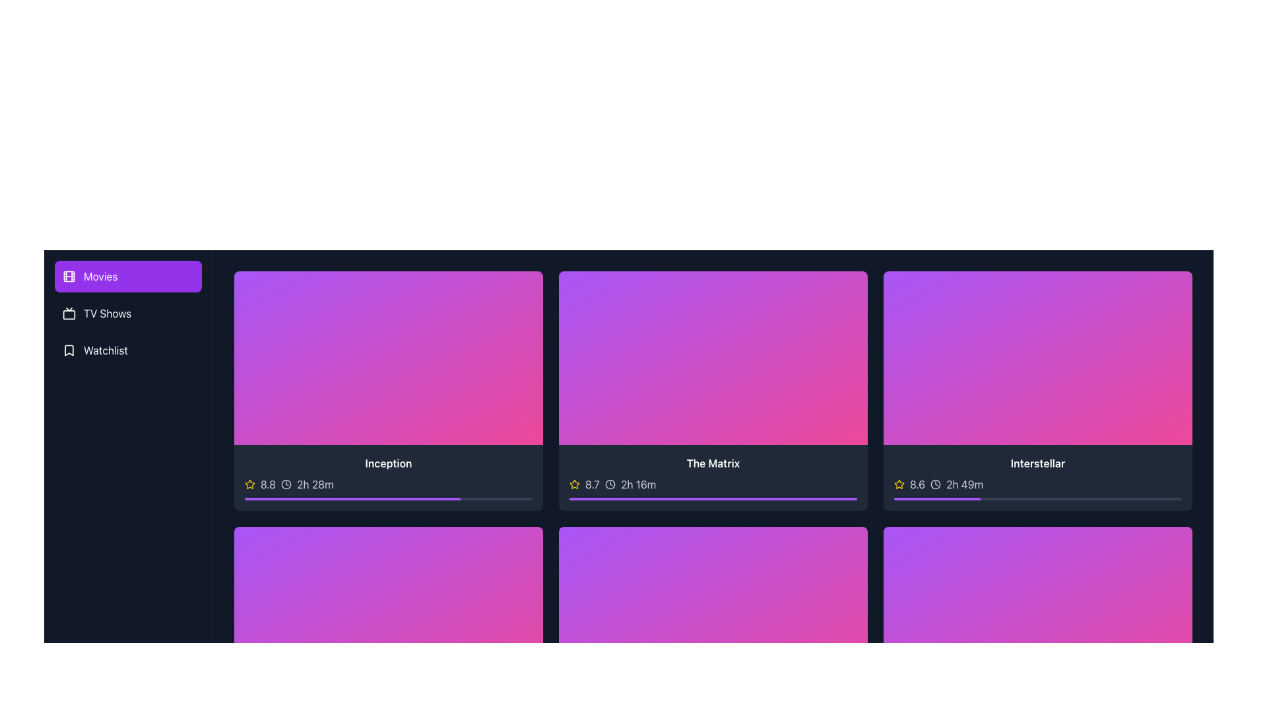  I want to click on the purple progress indicator bar located within the progress bar below the 'Interstellar' movie card, so click(936, 499).